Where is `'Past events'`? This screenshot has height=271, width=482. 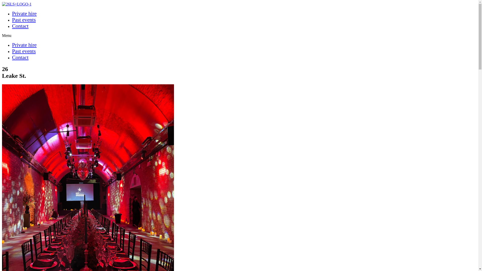
'Past events' is located at coordinates (24, 19).